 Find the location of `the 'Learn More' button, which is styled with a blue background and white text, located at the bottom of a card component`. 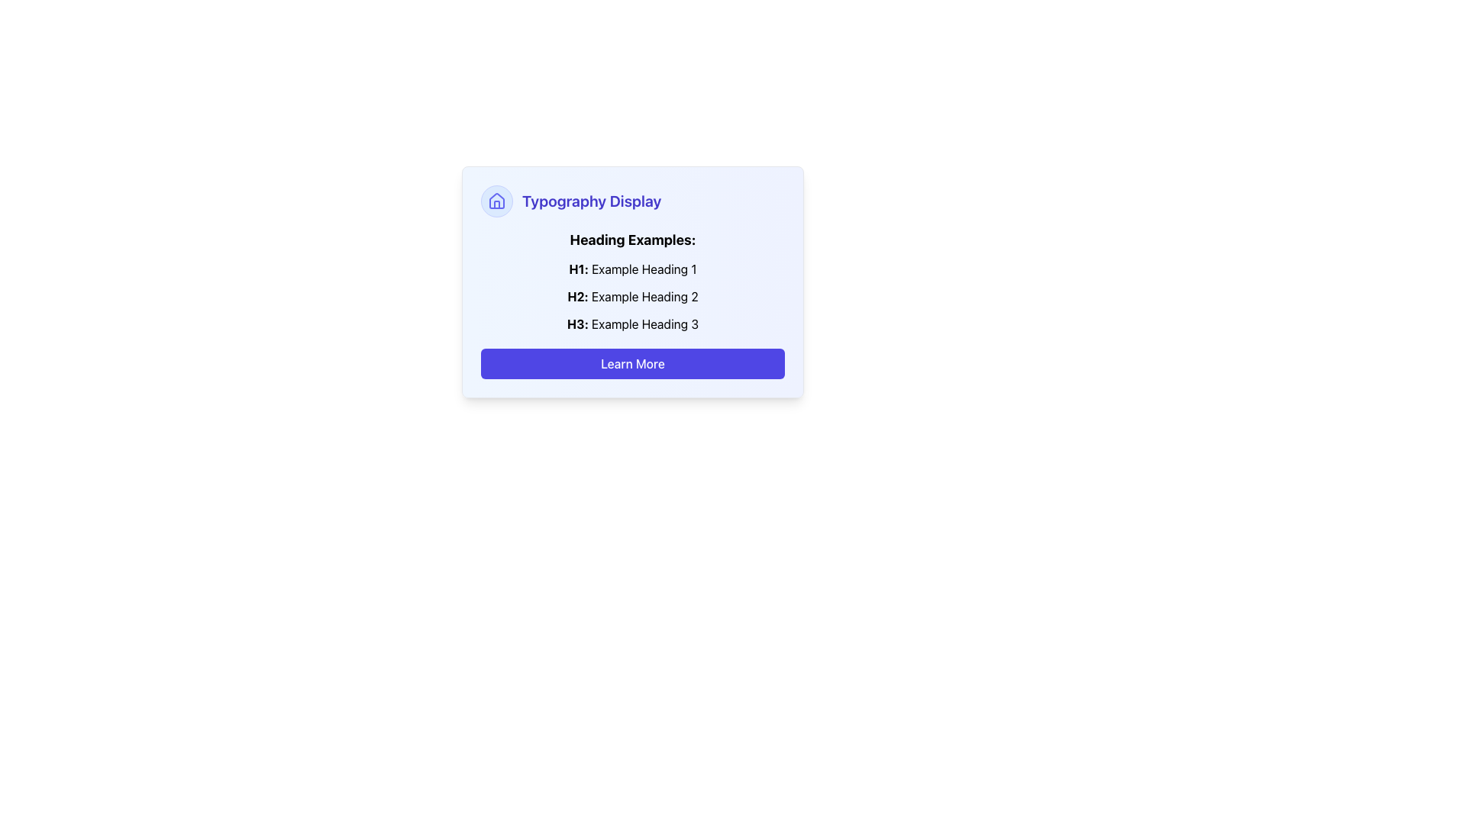

the 'Learn More' button, which is styled with a blue background and white text, located at the bottom of a card component is located at coordinates (633, 364).